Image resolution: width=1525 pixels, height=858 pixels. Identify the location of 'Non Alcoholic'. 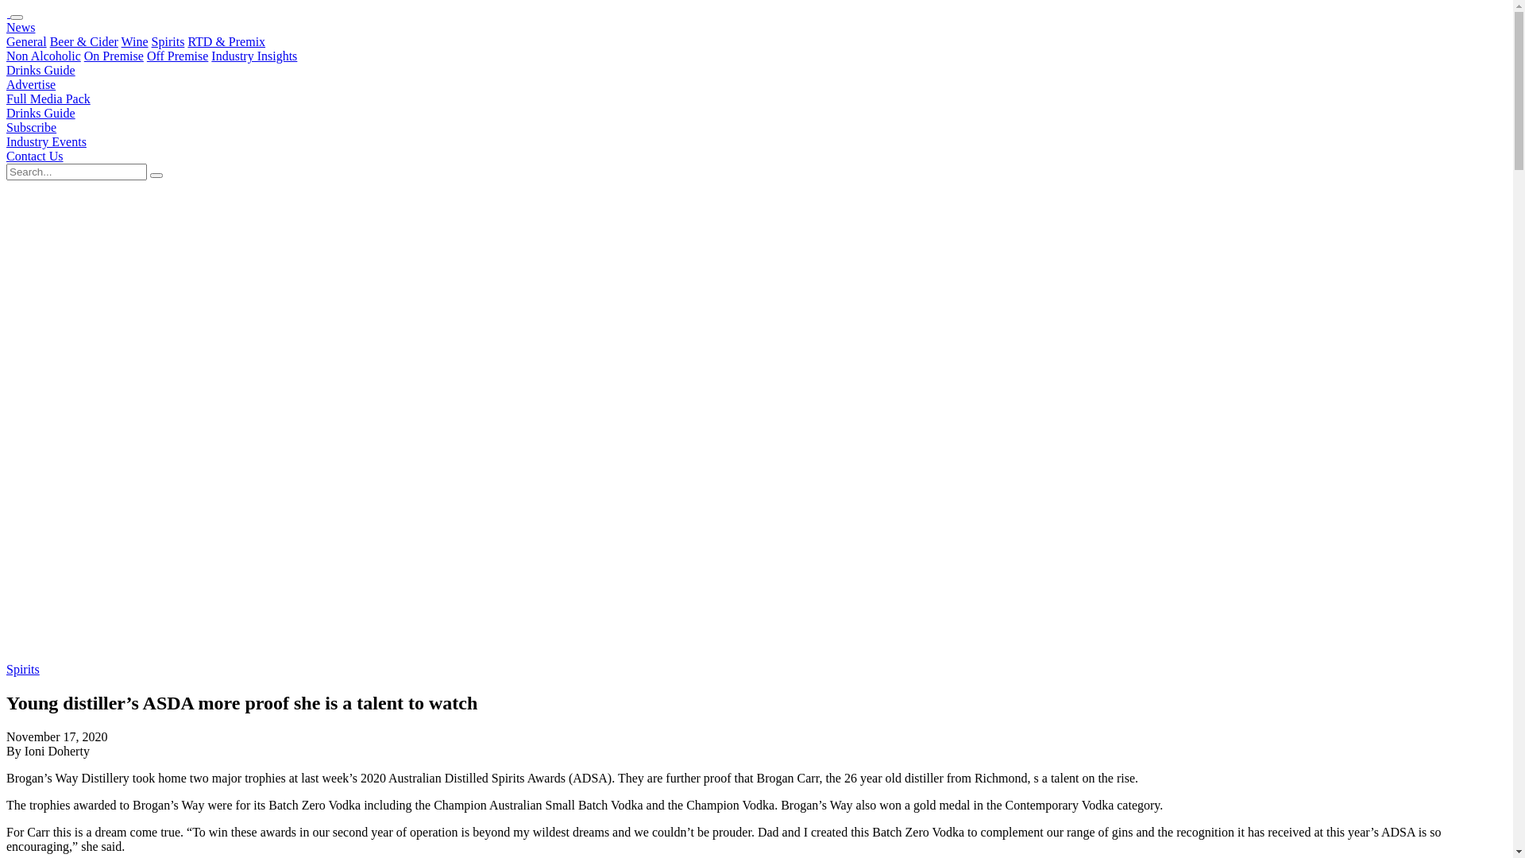
(43, 55).